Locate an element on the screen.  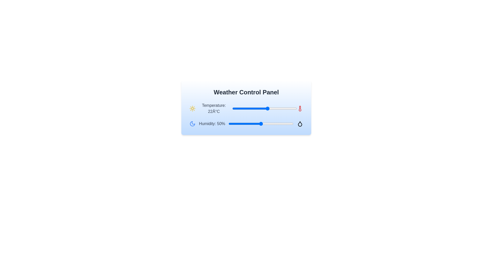
the humidity slider to set the humidity to 59% is located at coordinates (267, 124).